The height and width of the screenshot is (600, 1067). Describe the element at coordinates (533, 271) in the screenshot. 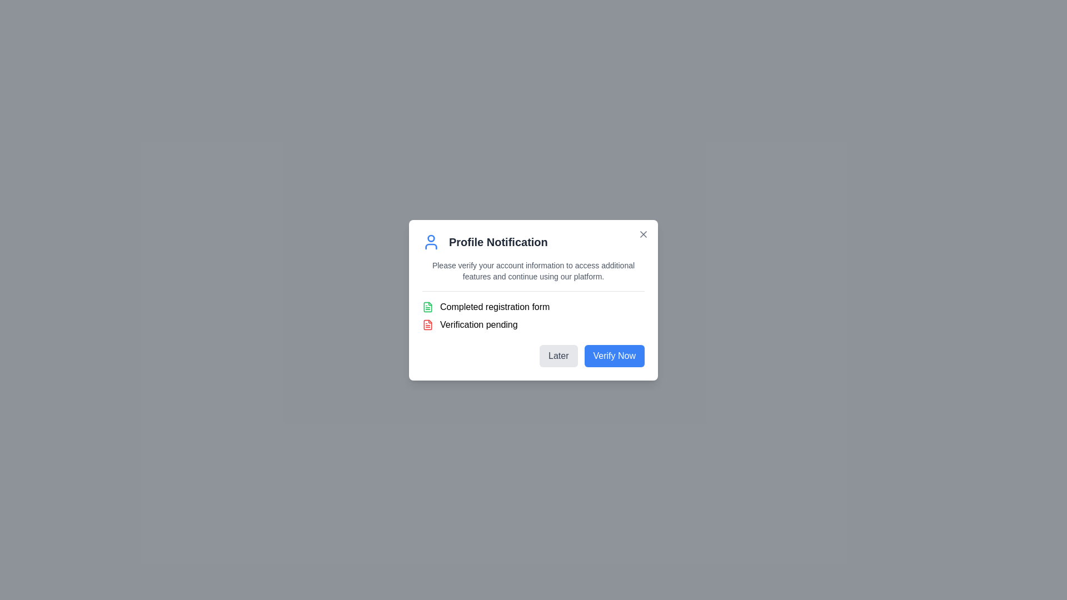

I see `the instructional text located below the title in the 'Profile Notification' dialog box, which informs the user about verifying their account information` at that location.